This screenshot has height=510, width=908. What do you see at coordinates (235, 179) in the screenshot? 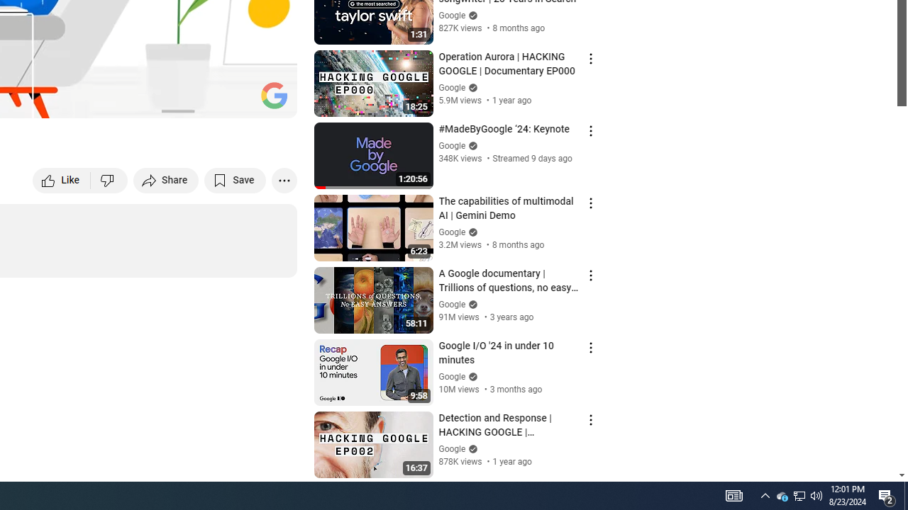
I see `'Save to playlist'` at bounding box center [235, 179].